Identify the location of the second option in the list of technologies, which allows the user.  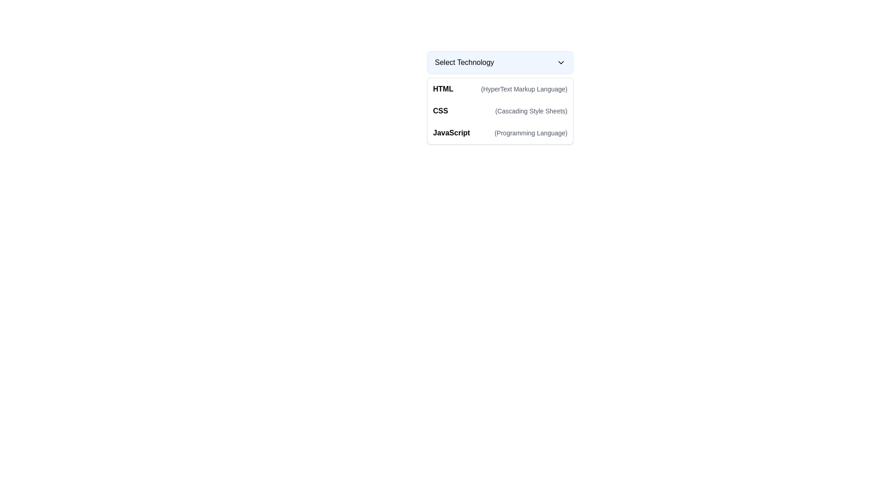
(500, 111).